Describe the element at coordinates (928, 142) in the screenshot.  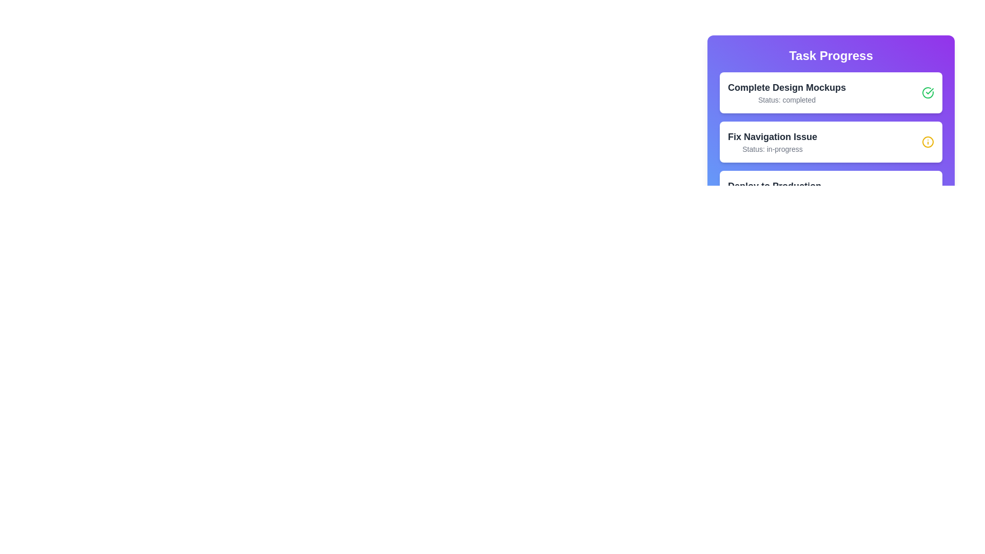
I see `the status icon corresponding to the task Fix Navigation Issue` at that location.